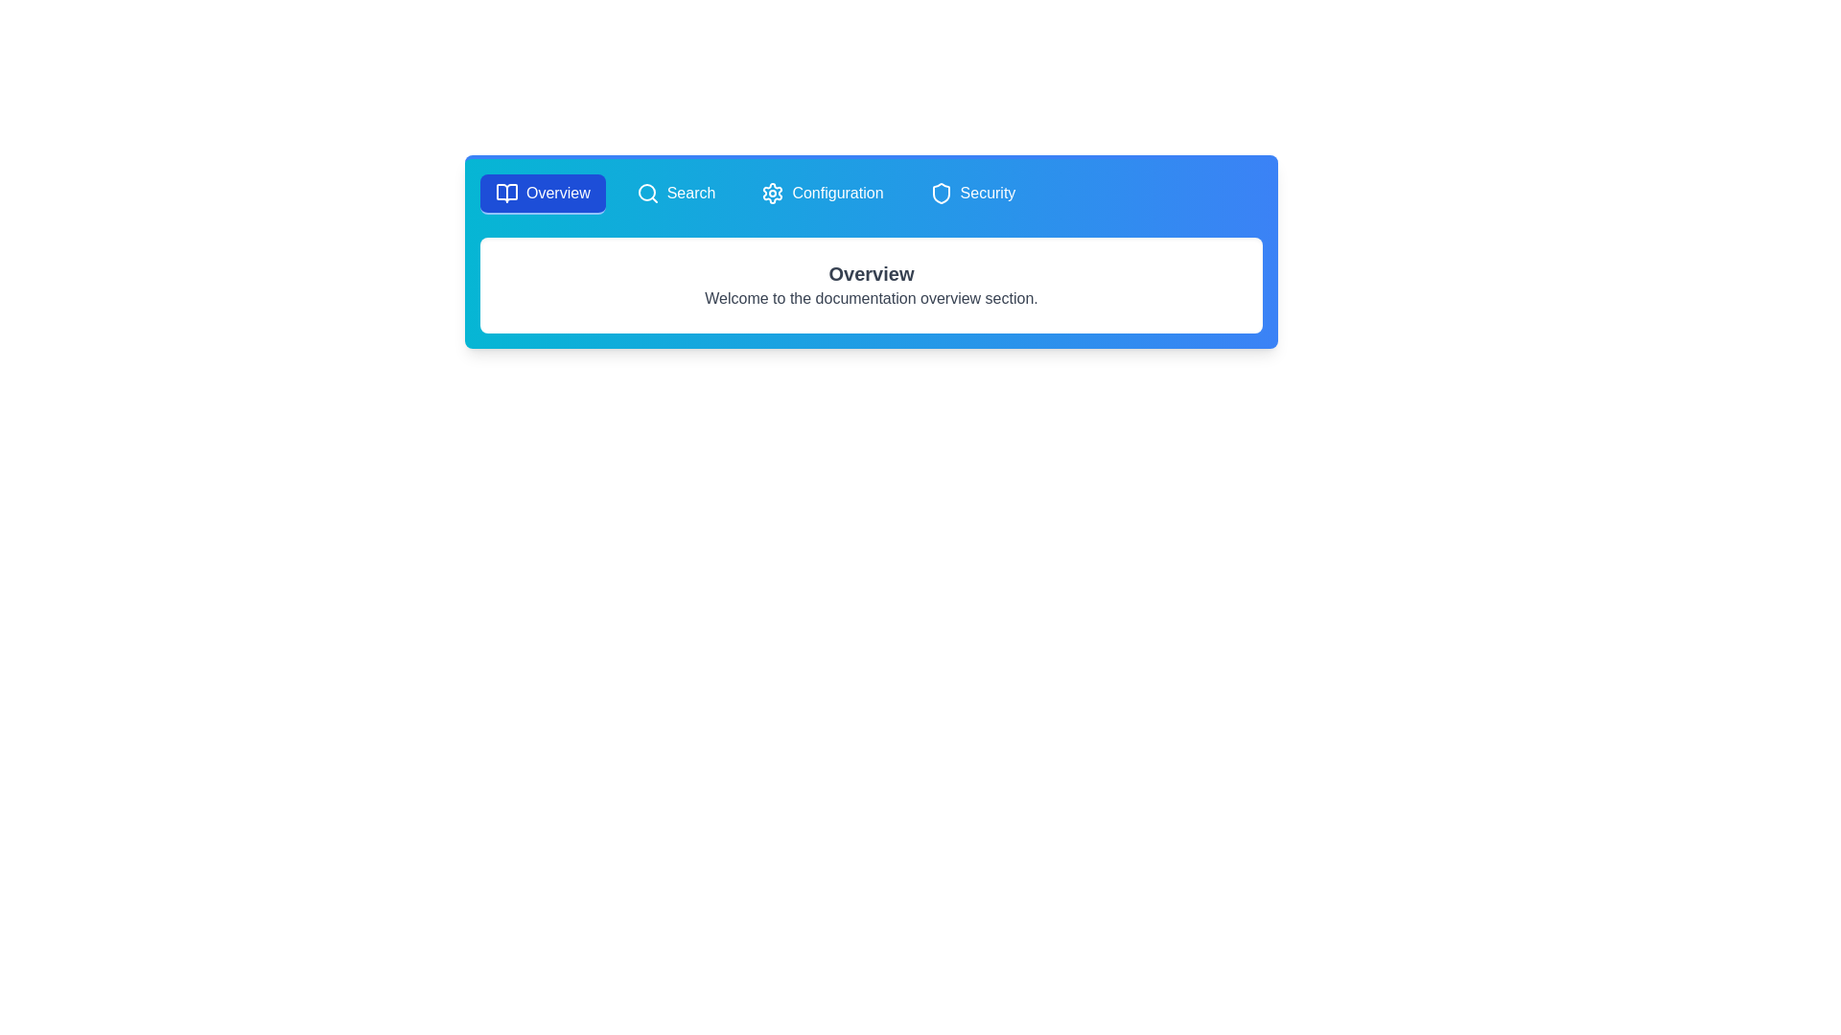 The height and width of the screenshot is (1035, 1841). I want to click on the Text Component (Header and Subtitle Combination) that displays 'Overview' and 'Welcome to the documentation overview section.', so click(870, 285).